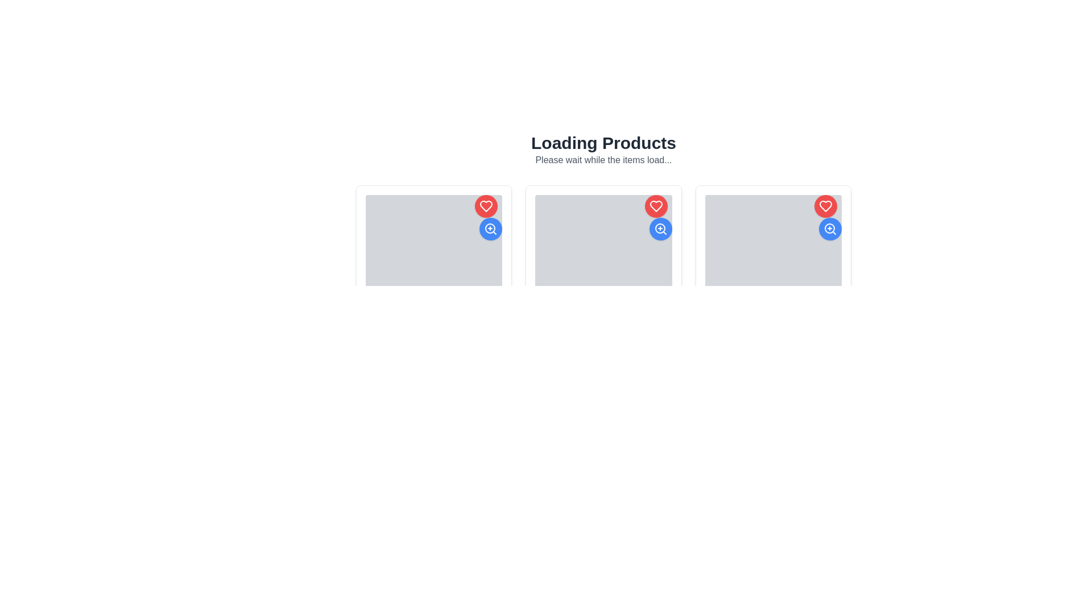  What do you see at coordinates (603, 149) in the screenshot?
I see `the text display at the top of the content area that reads 'Loading Products' in bold and 'Please wait while the items load...' in smaller font` at bounding box center [603, 149].